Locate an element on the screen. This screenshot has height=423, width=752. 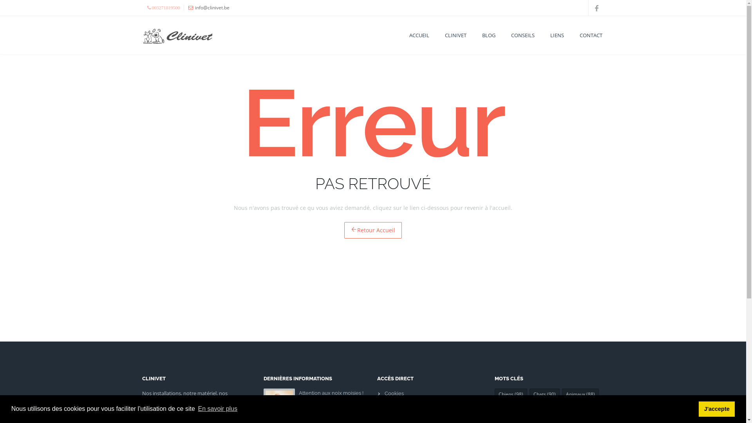
'Chats (90)' is located at coordinates (544, 394).